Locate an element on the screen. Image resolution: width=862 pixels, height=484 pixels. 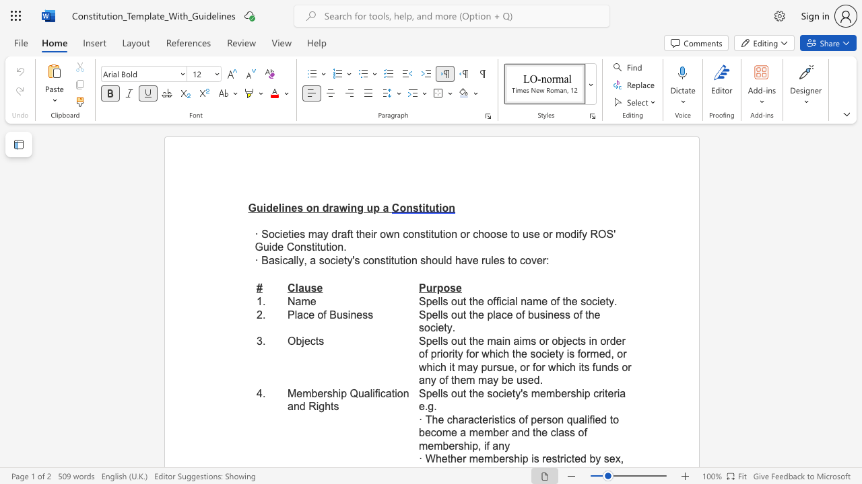
the subset text "y" within the text "Spells out the society" is located at coordinates (515, 393).